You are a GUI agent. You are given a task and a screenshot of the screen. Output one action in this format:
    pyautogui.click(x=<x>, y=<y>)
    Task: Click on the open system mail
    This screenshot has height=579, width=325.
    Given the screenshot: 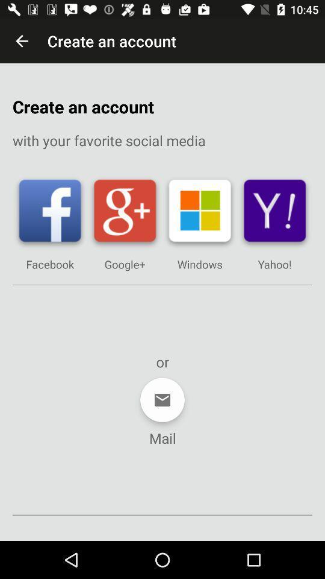 What is the action you would take?
    pyautogui.click(x=162, y=400)
    